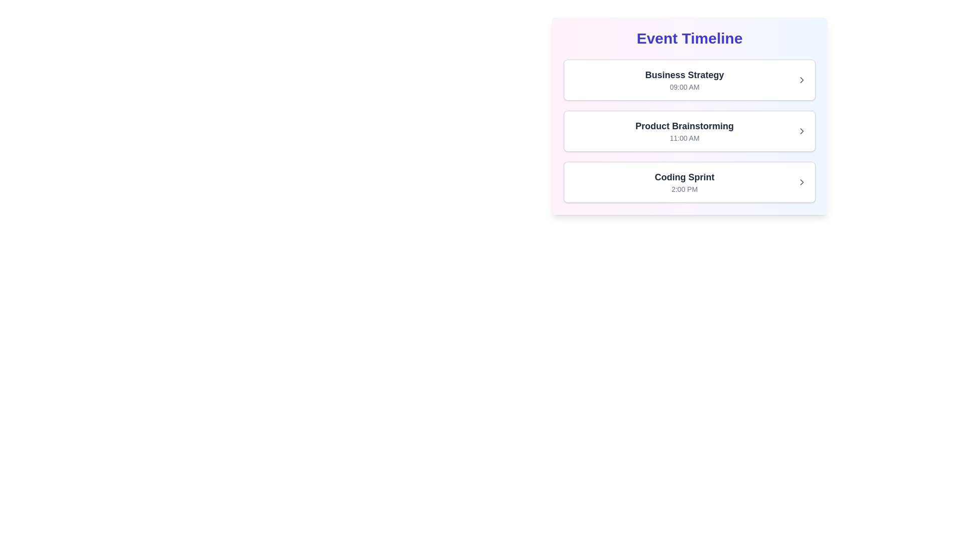  Describe the element at coordinates (684, 79) in the screenshot. I see `the first list item in the 'Event Timeline' box that displays 'Business Strategy' and '09:00 AM'` at that location.